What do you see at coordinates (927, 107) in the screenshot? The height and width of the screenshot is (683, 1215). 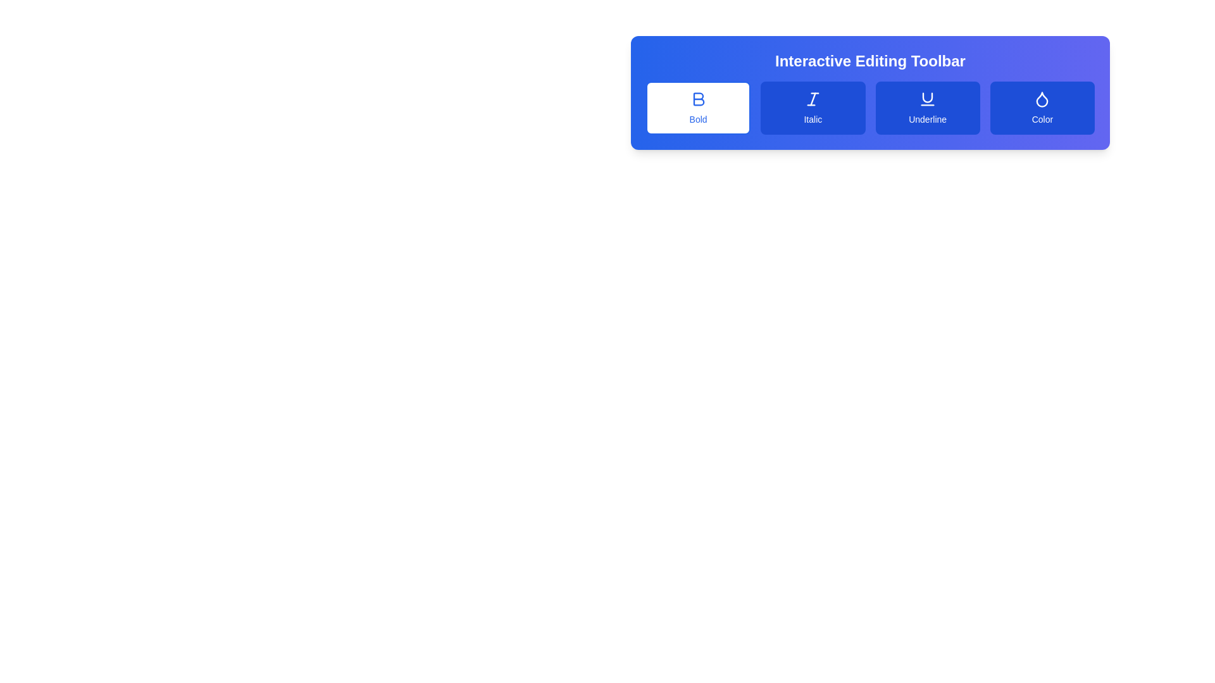 I see `the underline formatting button, which is the third item in a row between the 'Italic' button and the 'Color' button` at bounding box center [927, 107].